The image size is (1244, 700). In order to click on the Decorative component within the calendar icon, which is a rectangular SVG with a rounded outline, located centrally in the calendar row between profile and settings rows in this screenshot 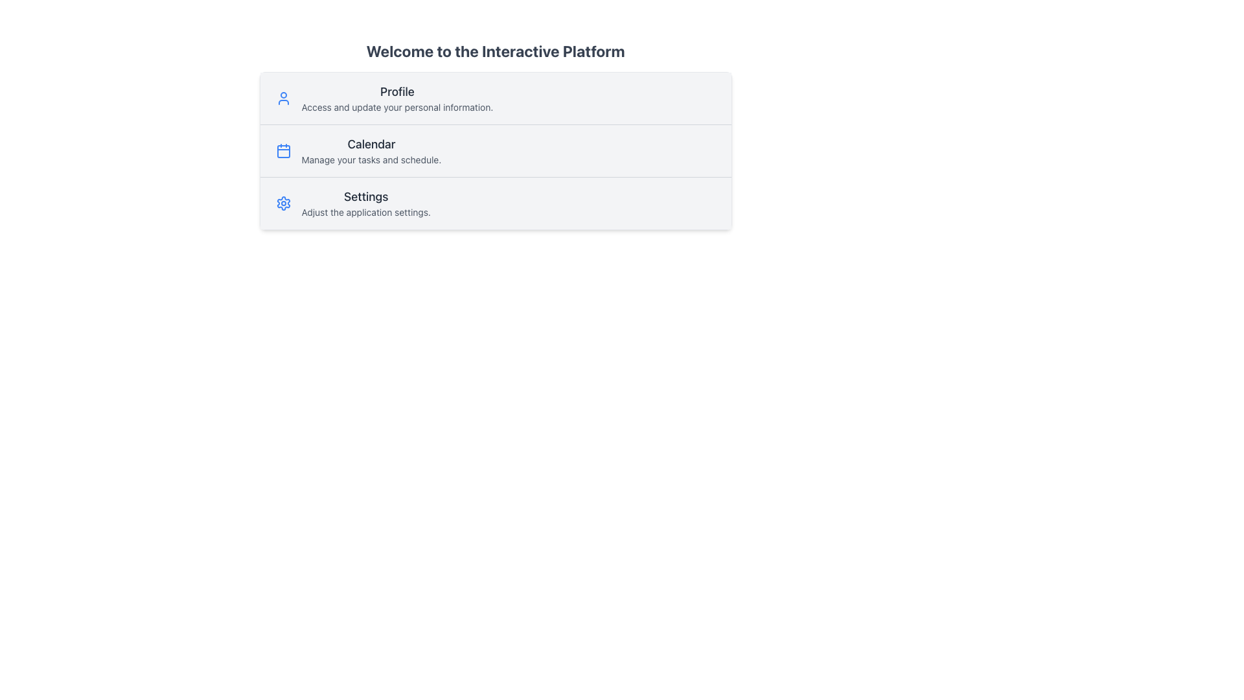, I will do `click(282, 151)`.